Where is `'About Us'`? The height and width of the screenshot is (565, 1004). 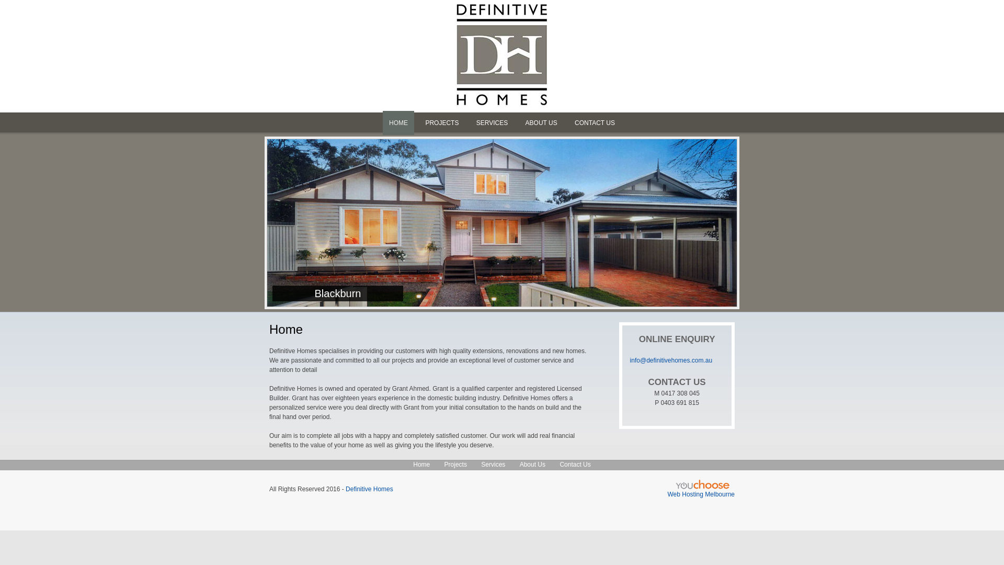
'About Us' is located at coordinates (519, 464).